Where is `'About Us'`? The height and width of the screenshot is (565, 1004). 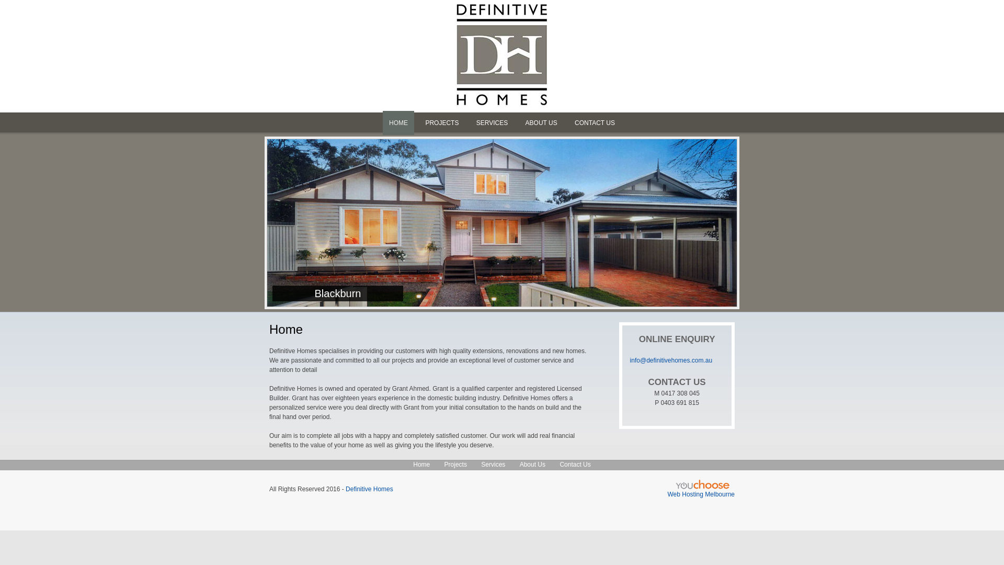
'About Us' is located at coordinates (519, 464).